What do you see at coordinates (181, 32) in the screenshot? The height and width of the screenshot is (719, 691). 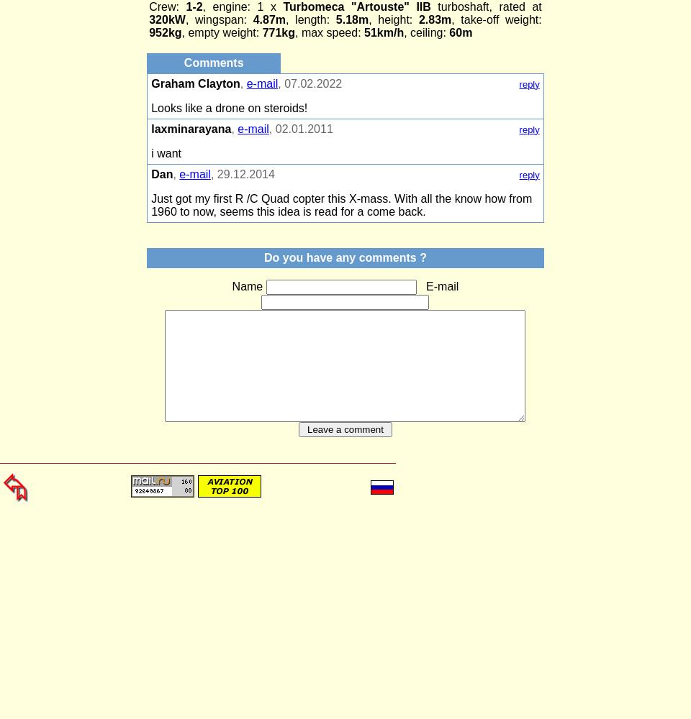 I see `',
empty weight:'` at bounding box center [181, 32].